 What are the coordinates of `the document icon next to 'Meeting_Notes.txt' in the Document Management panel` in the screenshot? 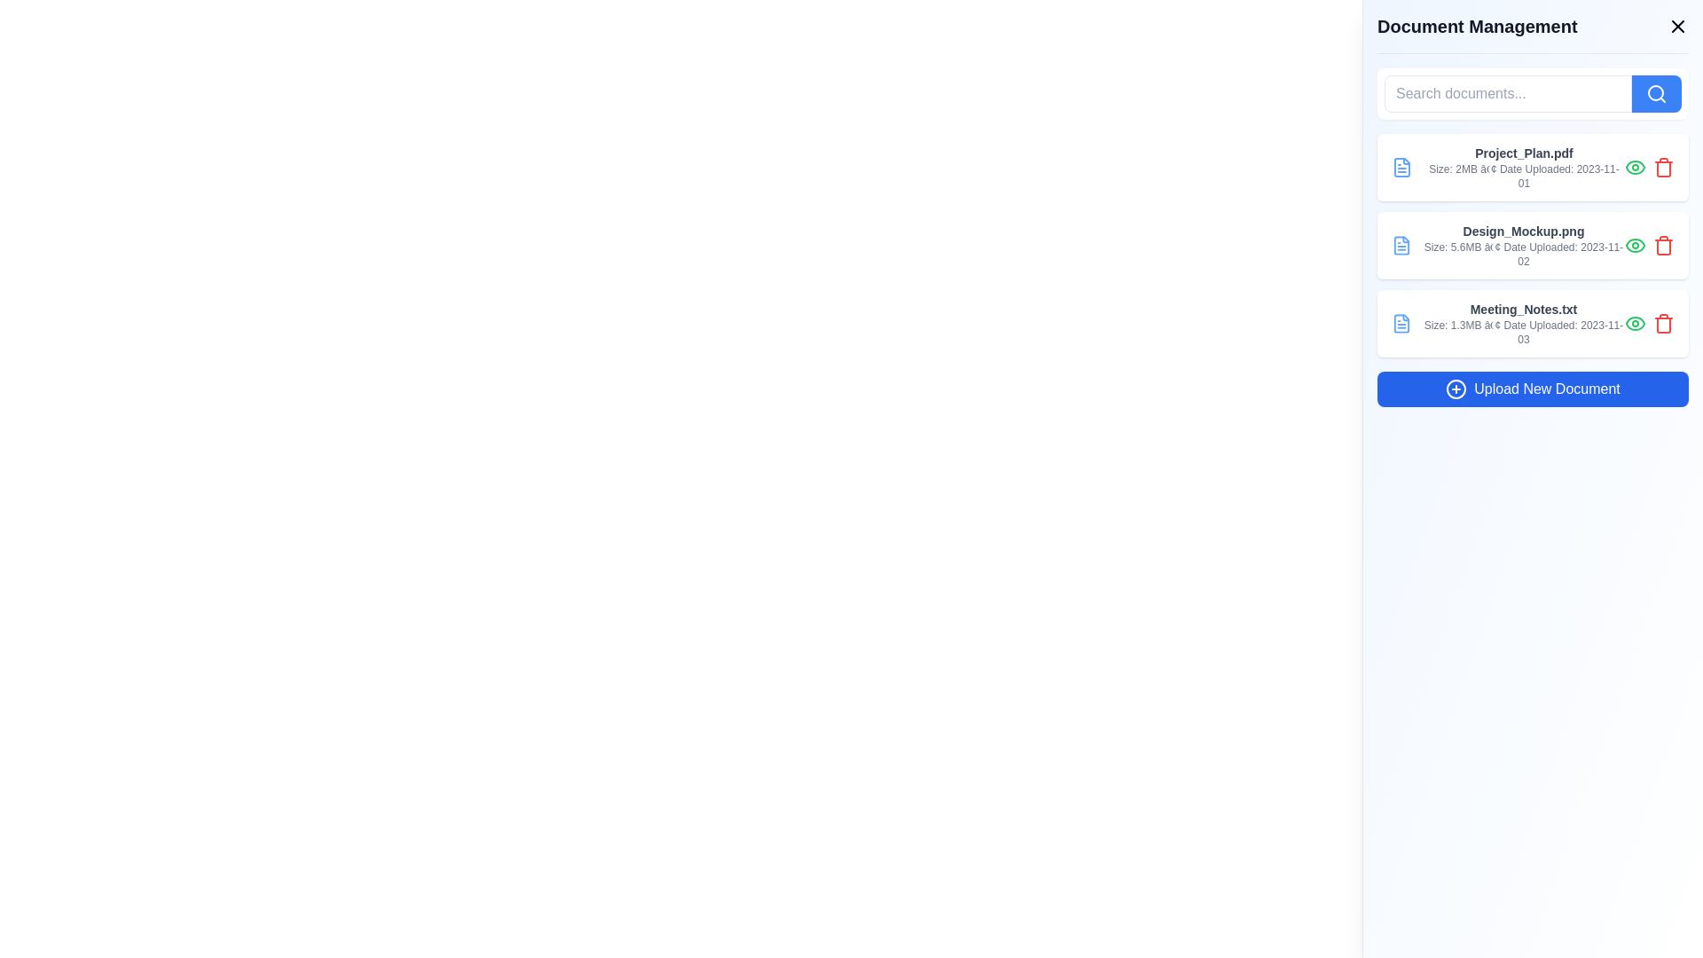 It's located at (1401, 324).